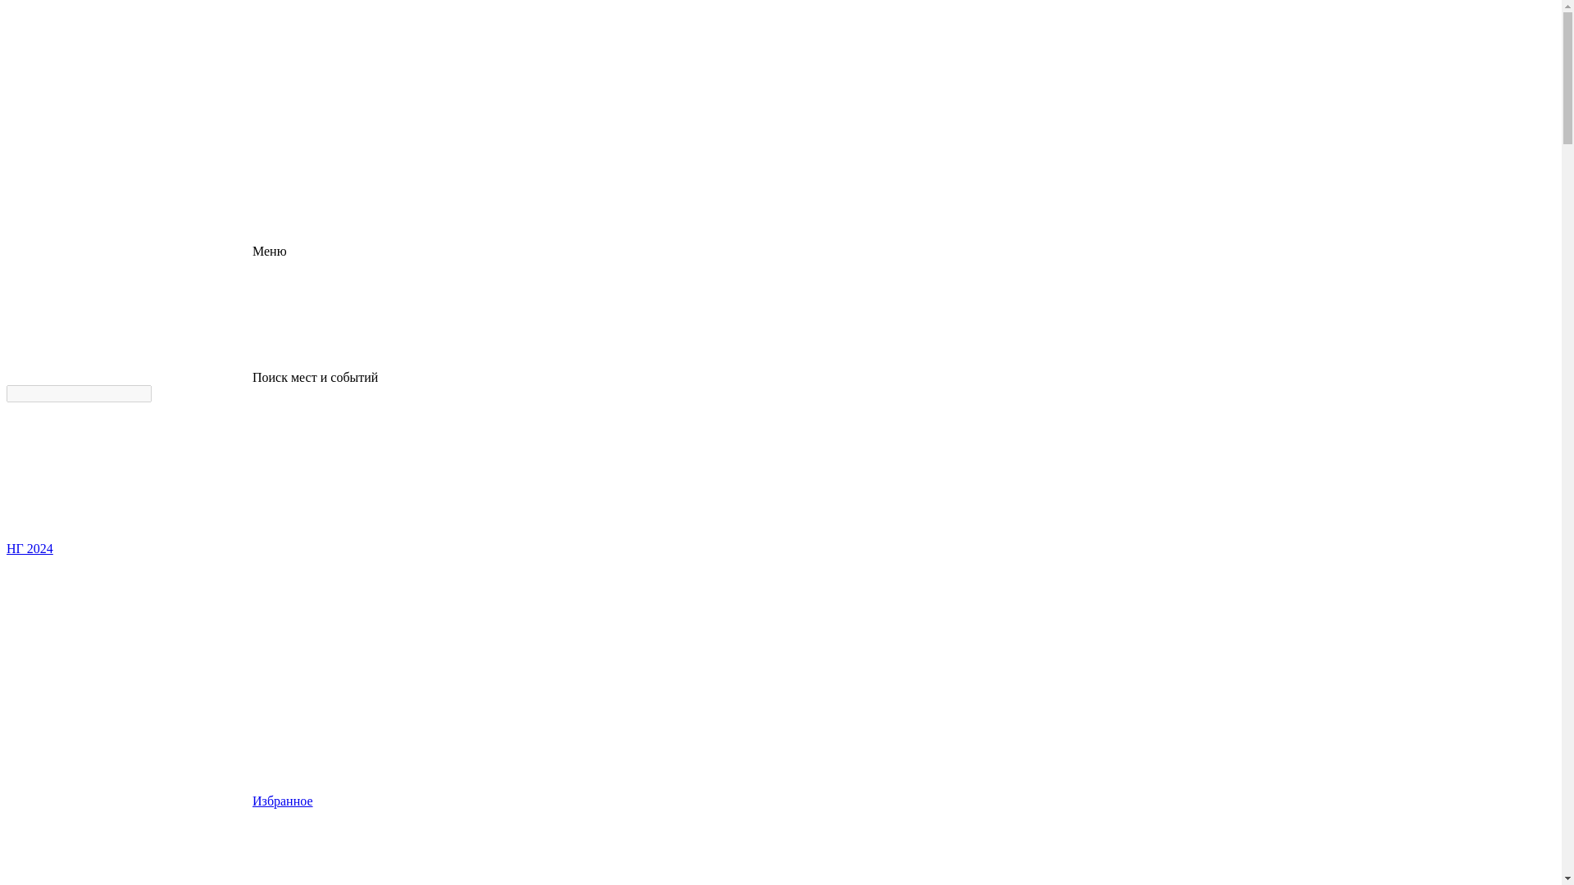 This screenshot has height=885, width=1574. I want to click on 'logo', so click(129, 124).